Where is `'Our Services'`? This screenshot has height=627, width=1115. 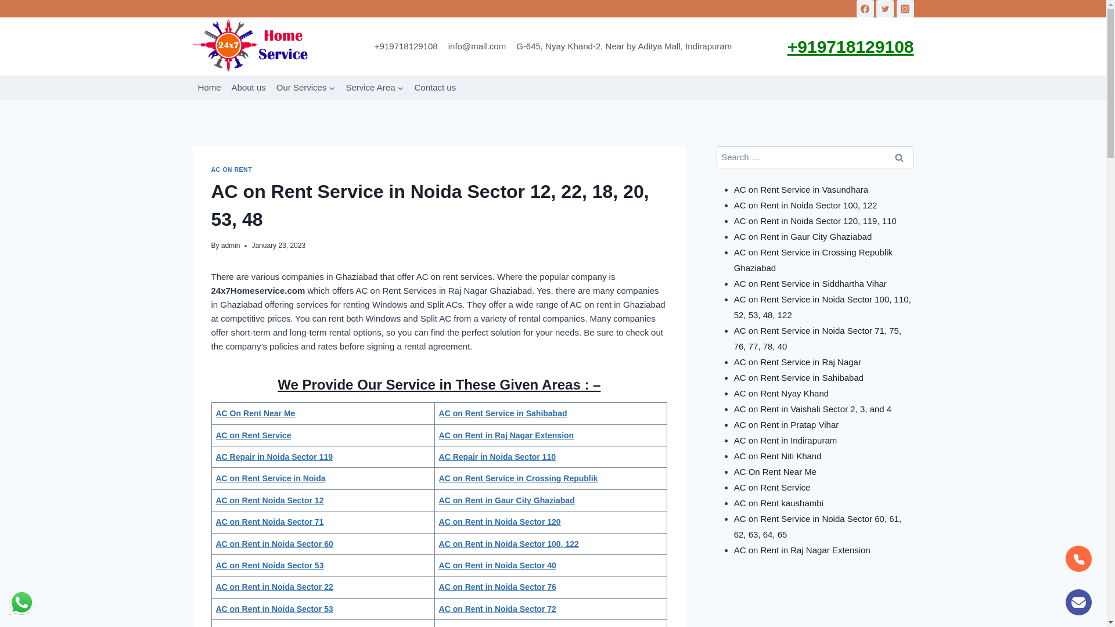 'Our Services' is located at coordinates (306, 87).